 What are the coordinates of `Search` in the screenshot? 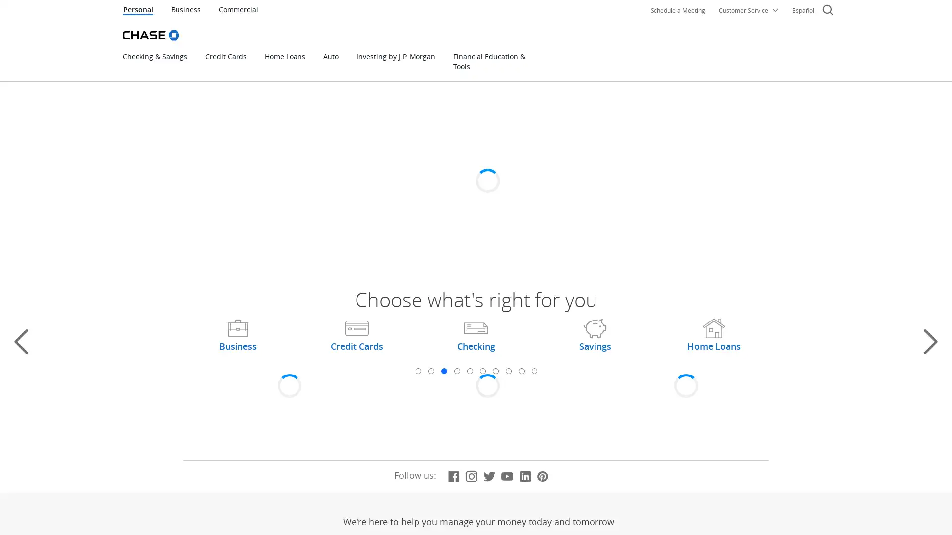 It's located at (828, 11).